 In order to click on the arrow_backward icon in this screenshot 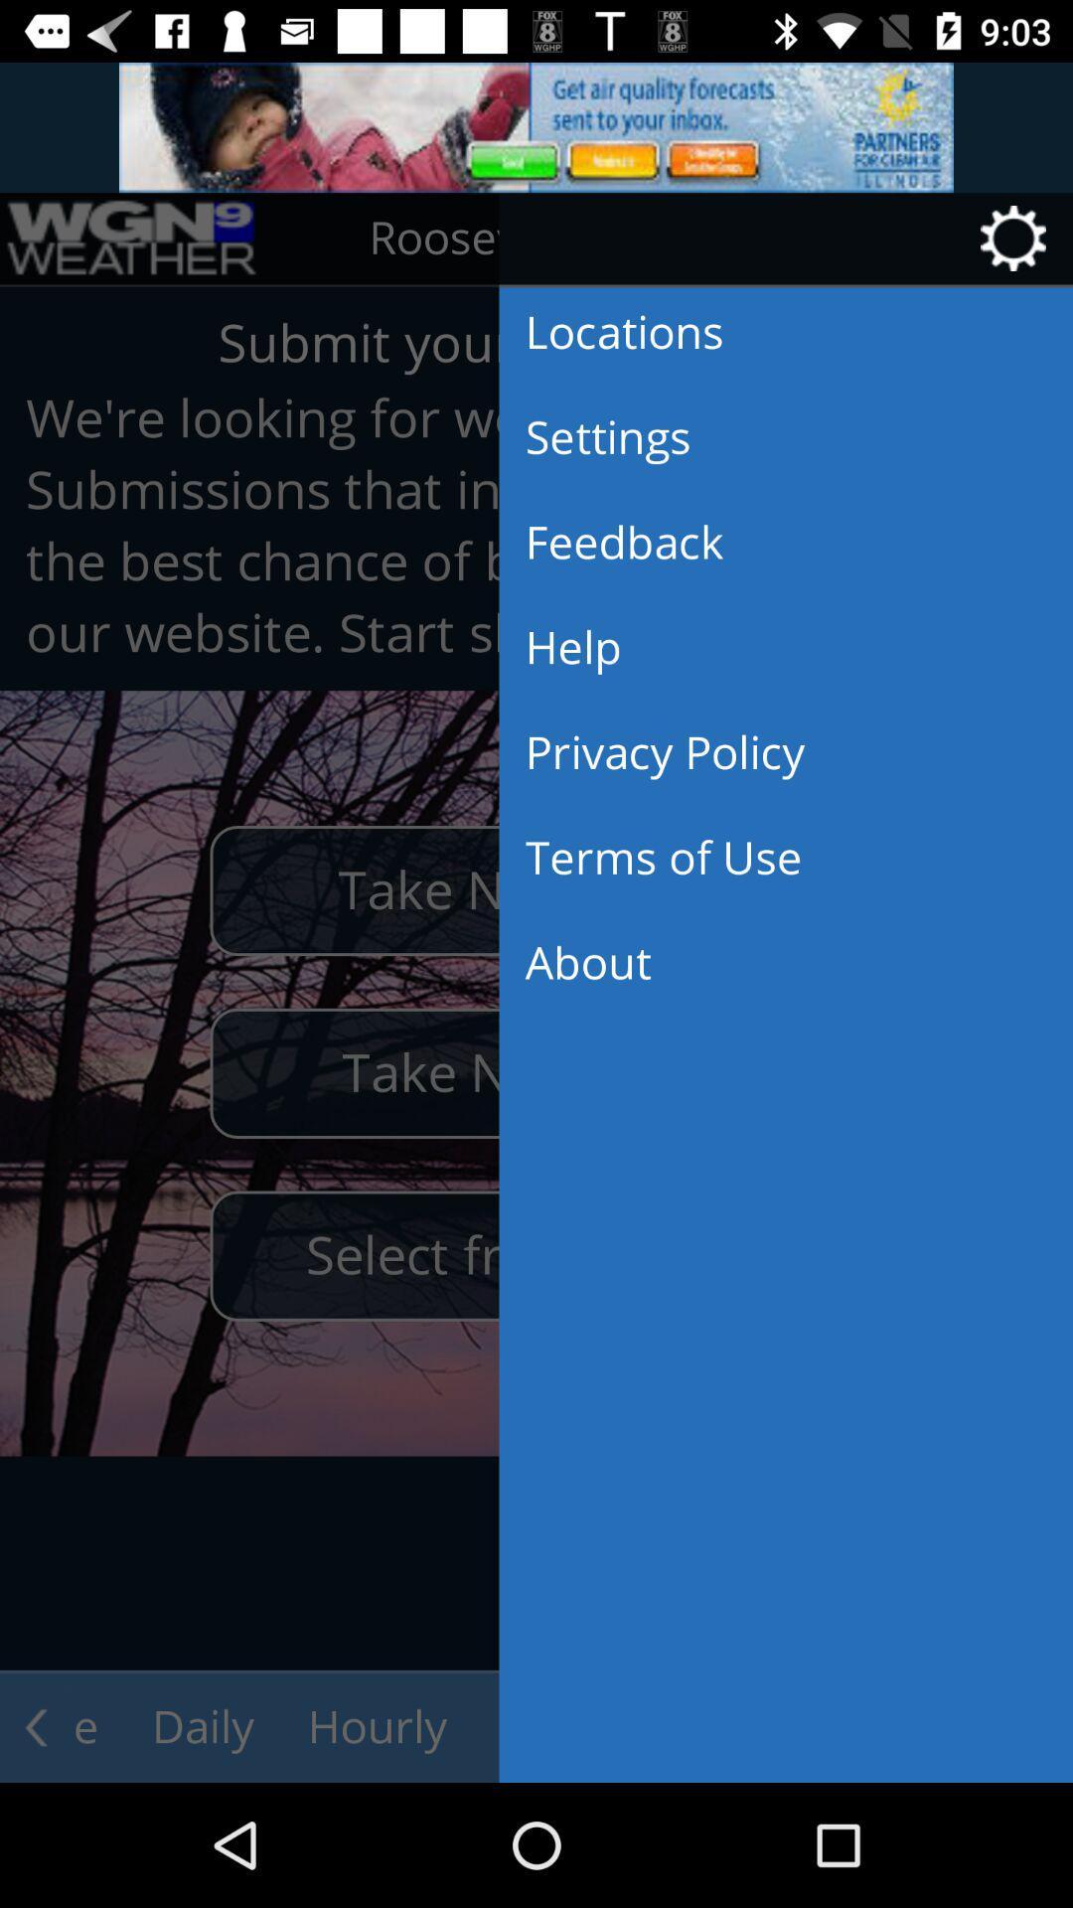, I will do `click(36, 1726)`.